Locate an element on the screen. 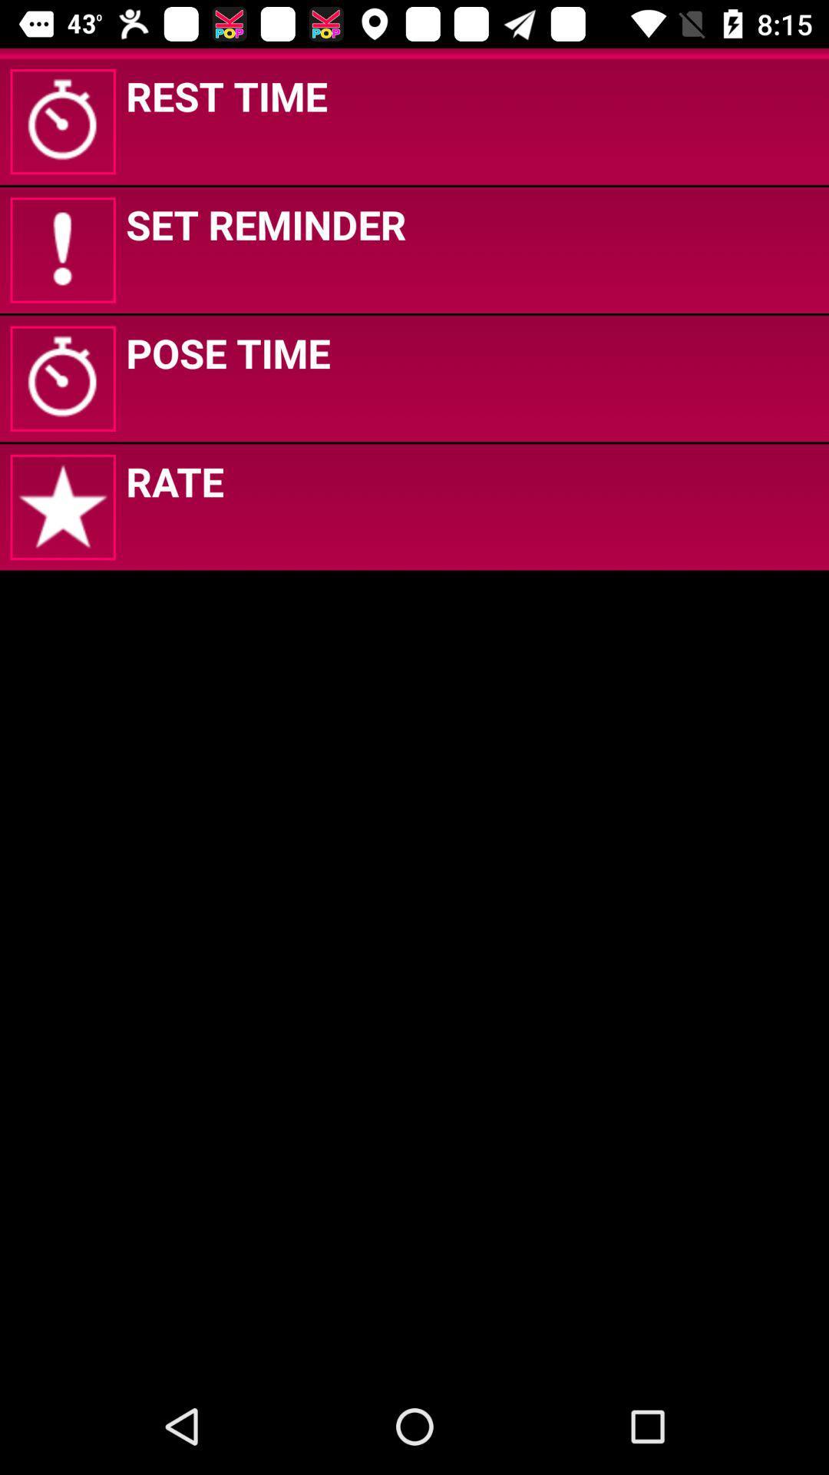 Image resolution: width=829 pixels, height=1475 pixels. icon below rest time app is located at coordinates (265, 224).